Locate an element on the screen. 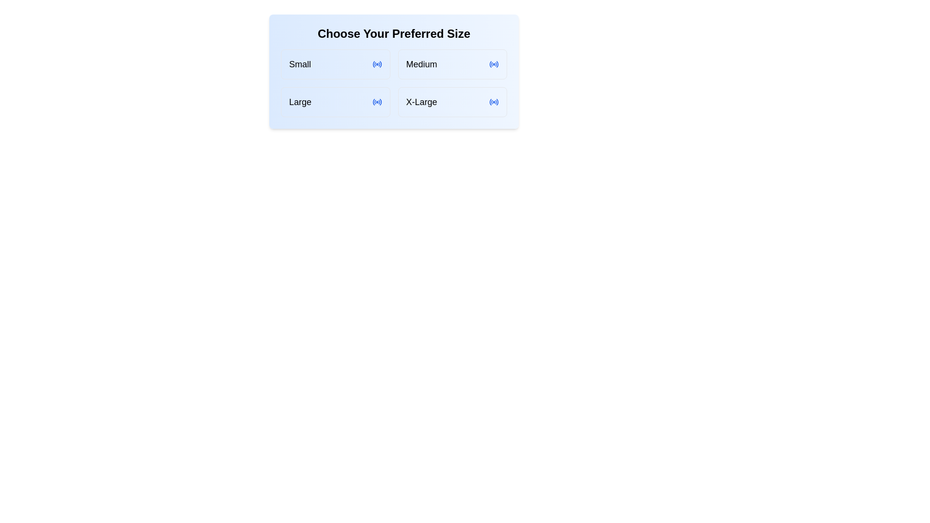 Image resolution: width=930 pixels, height=523 pixels. the size option within the Grid layout containing selectable buttons is located at coordinates (394, 71).